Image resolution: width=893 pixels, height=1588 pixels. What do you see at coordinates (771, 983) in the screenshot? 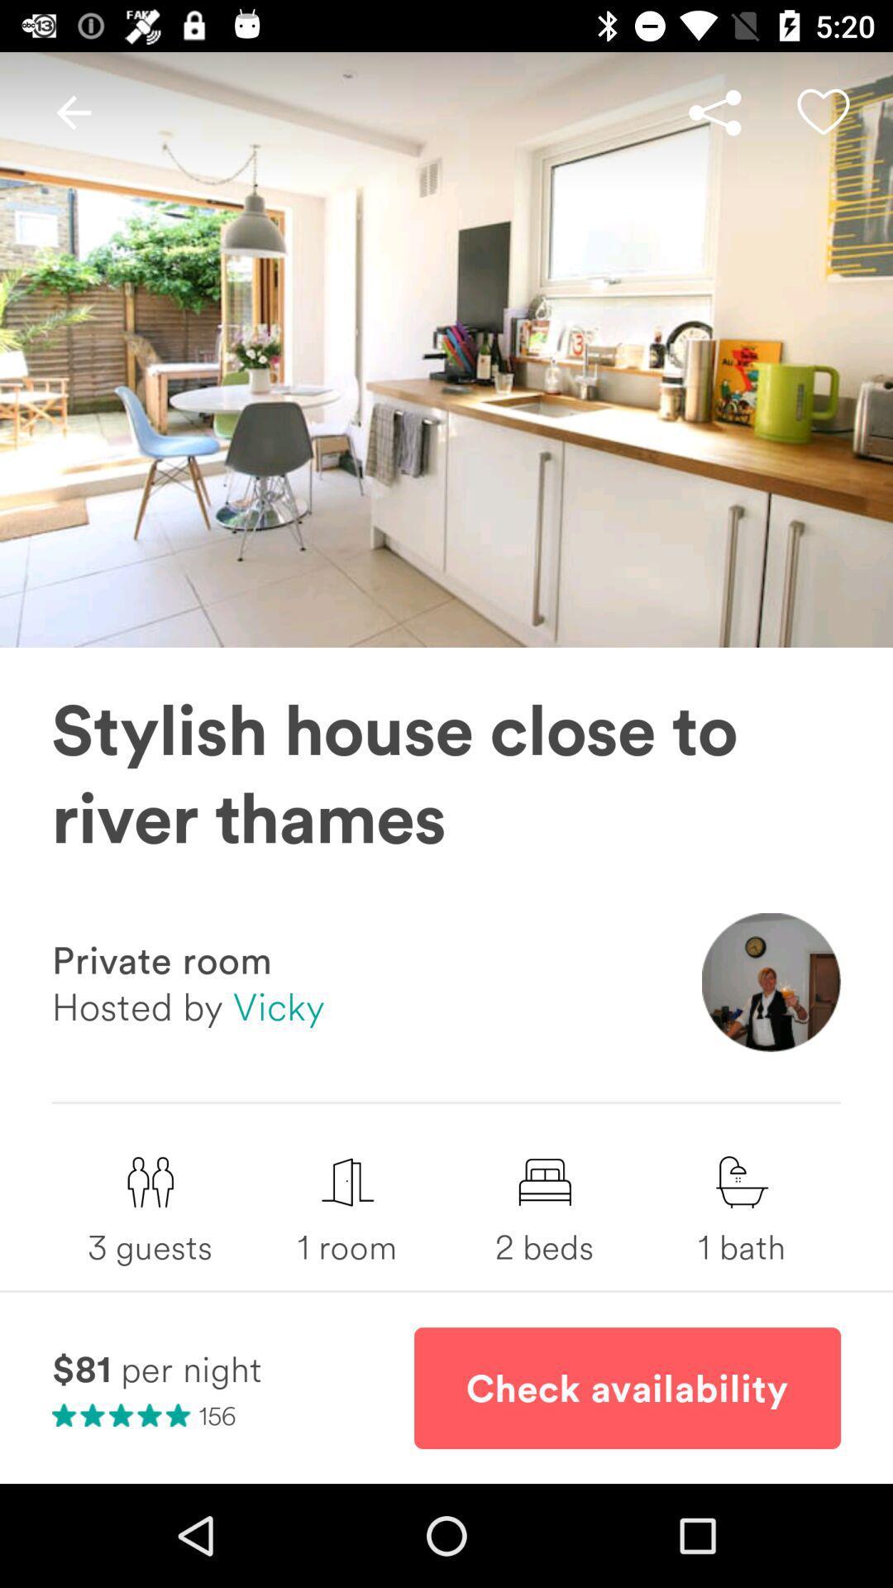
I see `icon below stylish house close item` at bounding box center [771, 983].